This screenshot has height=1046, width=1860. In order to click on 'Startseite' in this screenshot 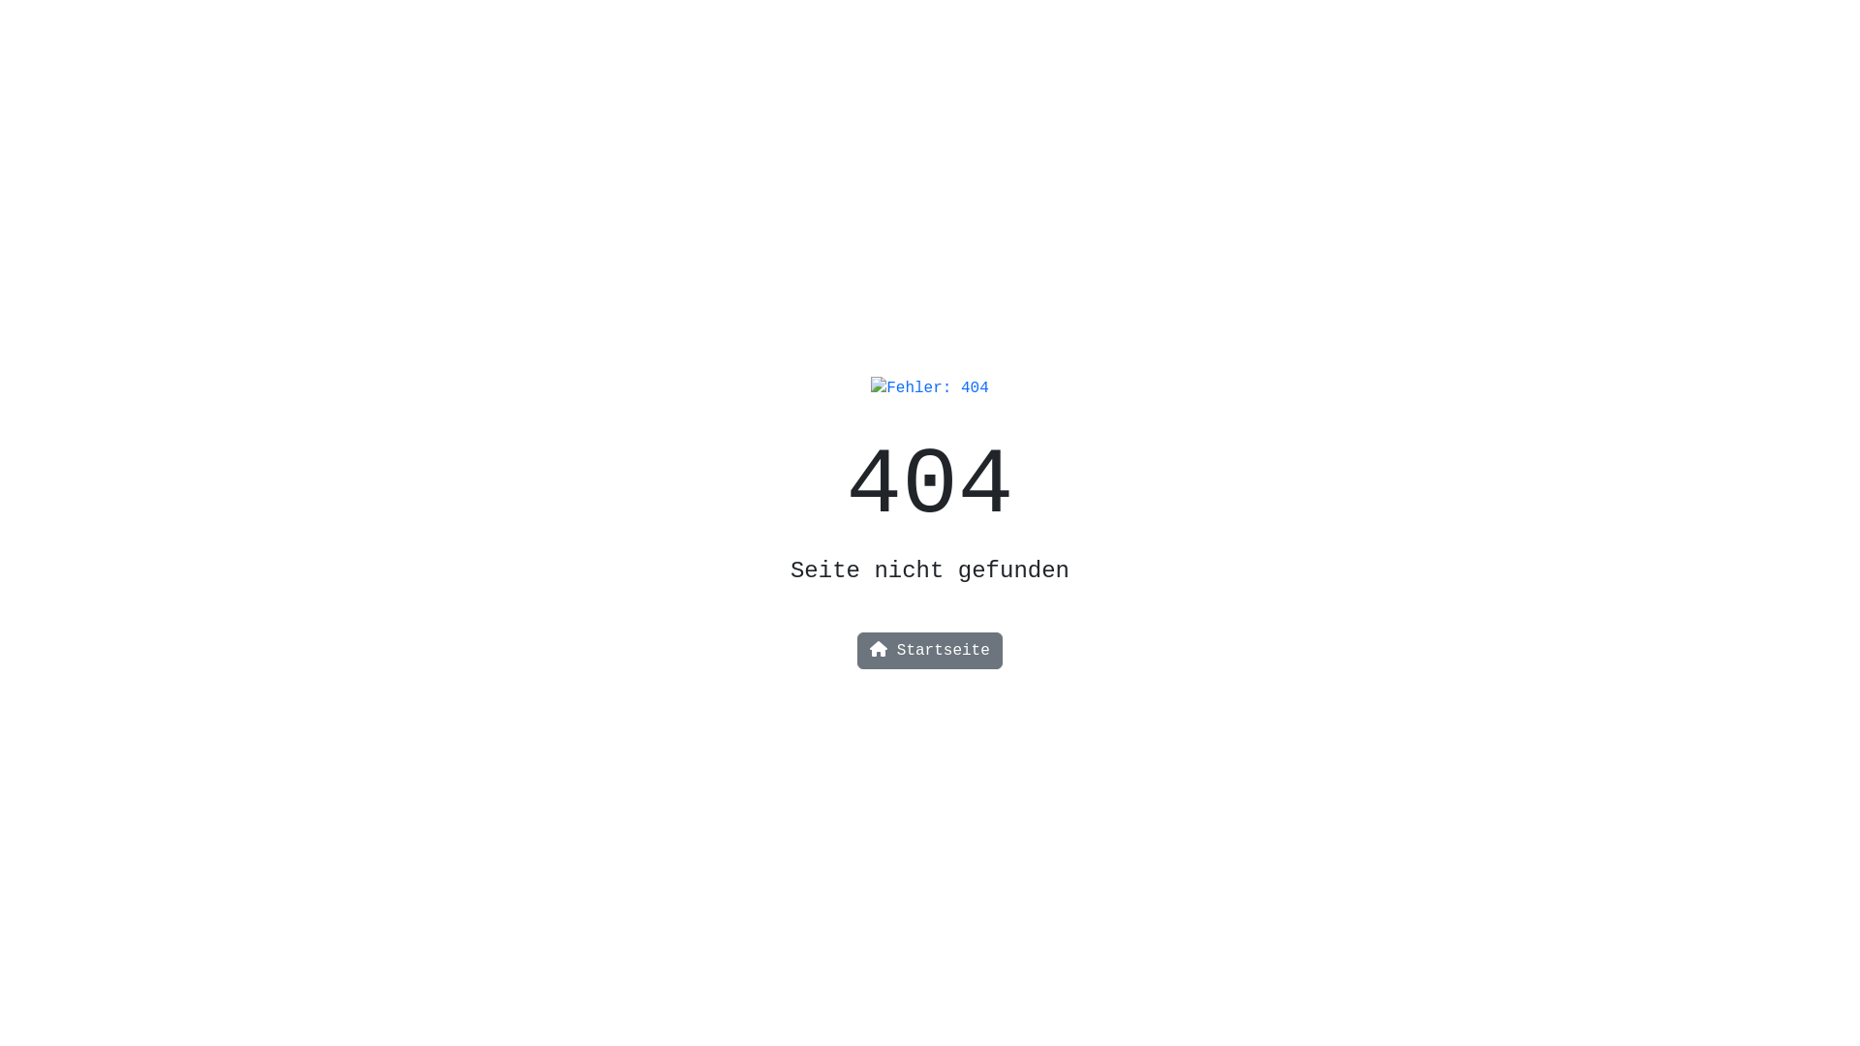, I will do `click(855, 650)`.